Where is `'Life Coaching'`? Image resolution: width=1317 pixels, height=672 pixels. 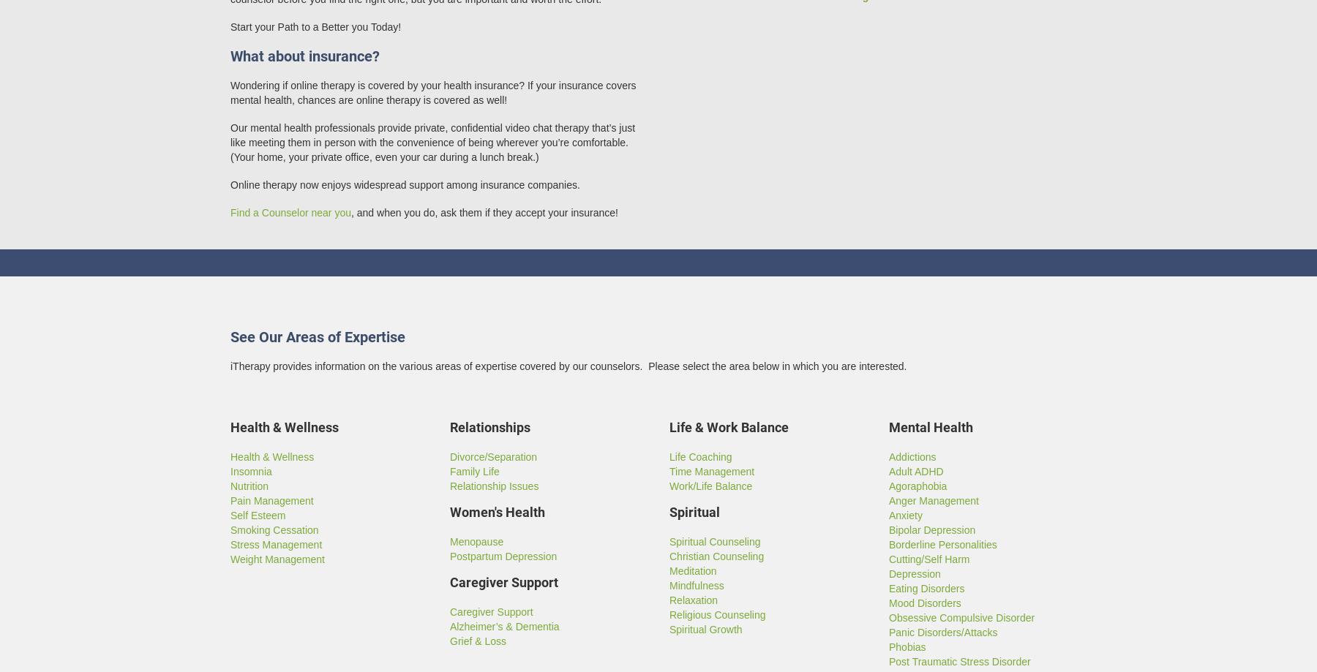 'Life Coaching' is located at coordinates (668, 457).